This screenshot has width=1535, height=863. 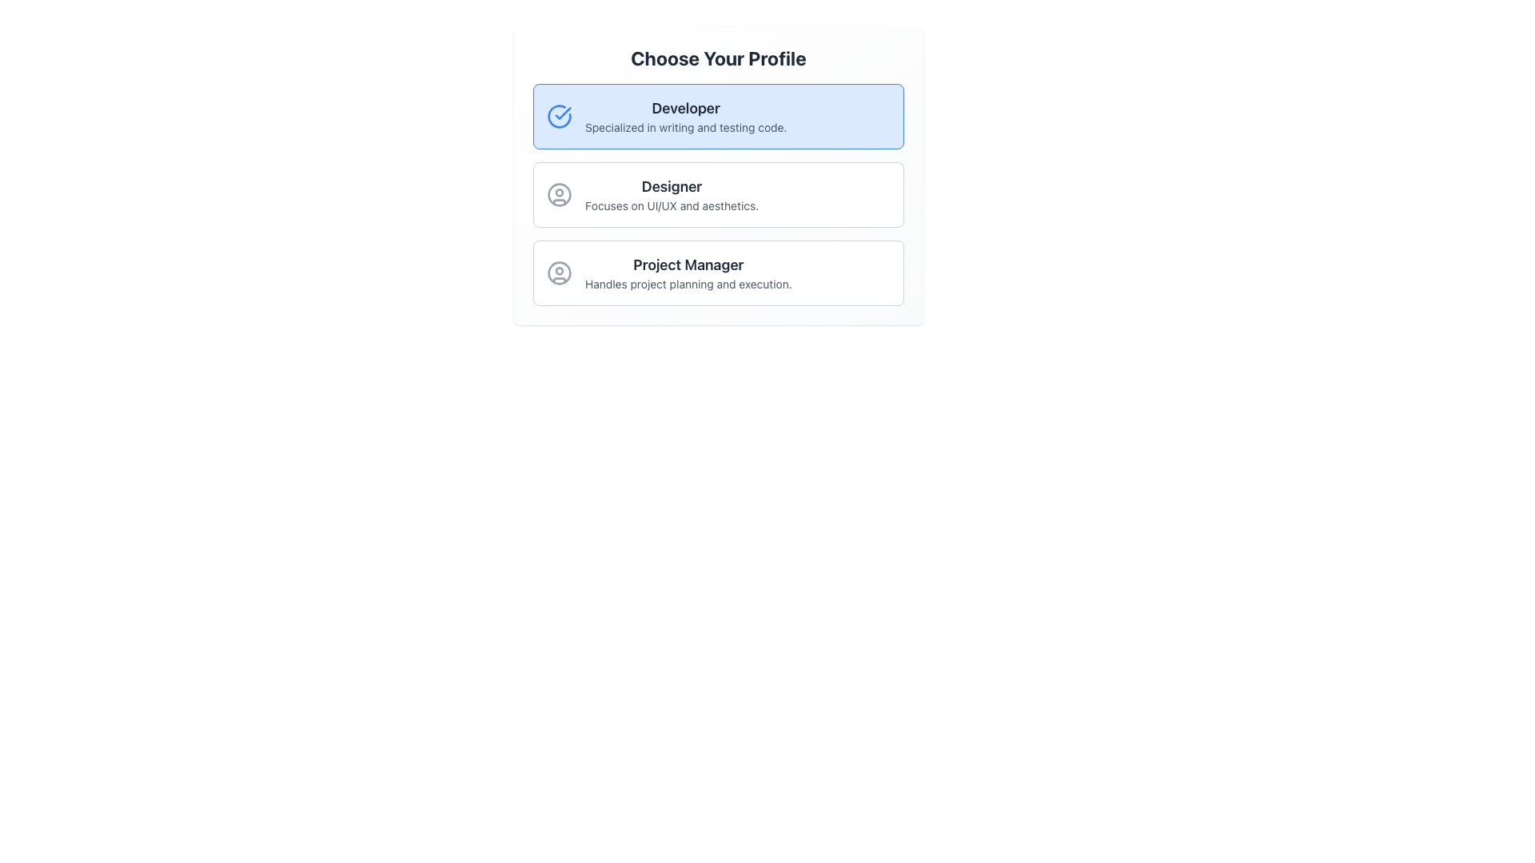 What do you see at coordinates (672, 193) in the screenshot?
I see `the Text block titled 'Designer', which is positioned between 'Developer' and 'Project Manager' in a vertical list` at bounding box center [672, 193].